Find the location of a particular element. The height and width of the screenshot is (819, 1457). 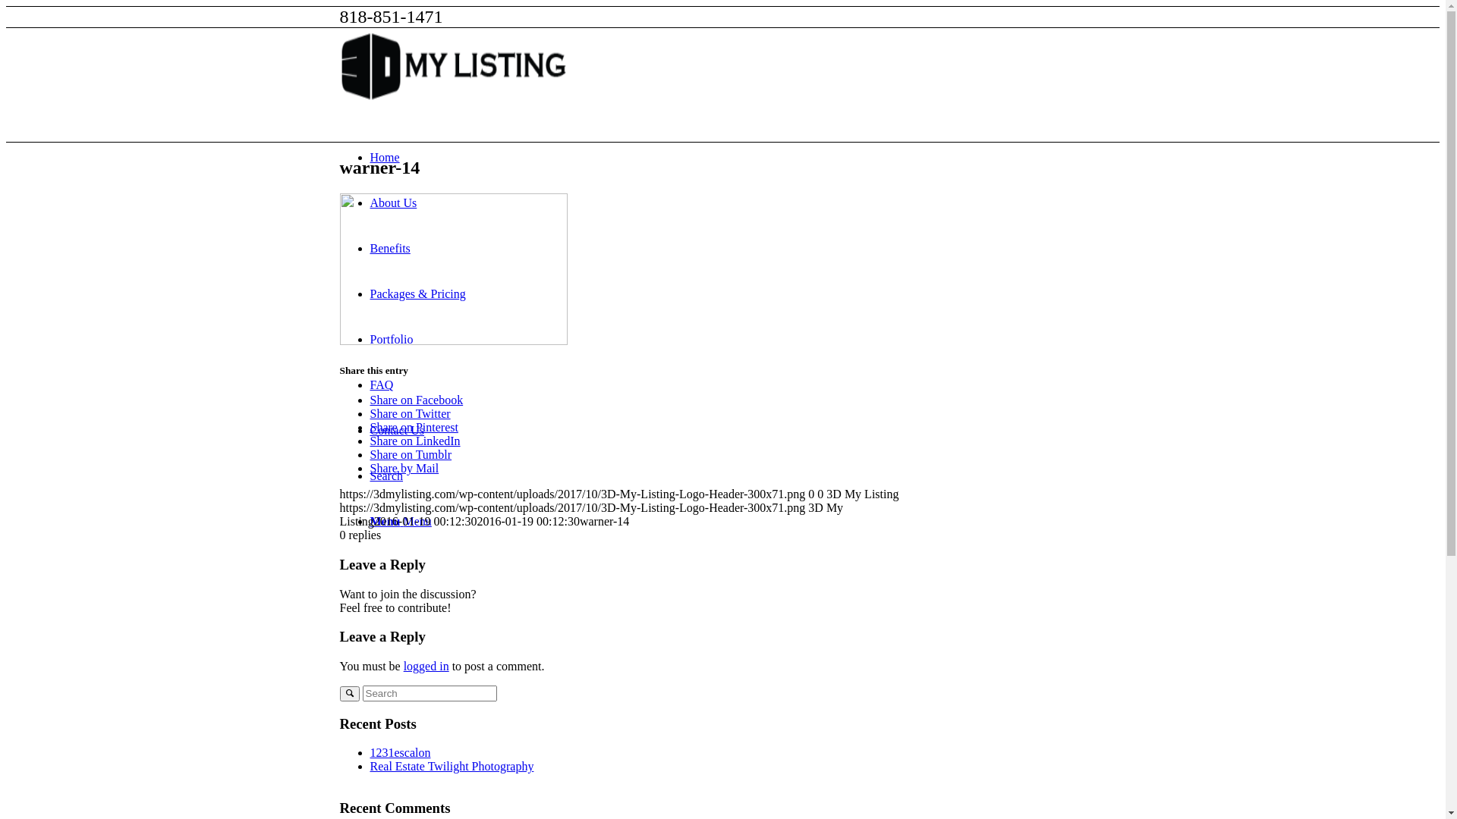

'Packages & Pricing' is located at coordinates (418, 293).